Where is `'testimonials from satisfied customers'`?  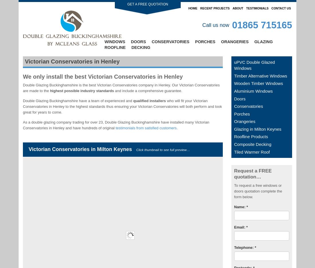
'testimonials from satisfied customers' is located at coordinates (115, 127).